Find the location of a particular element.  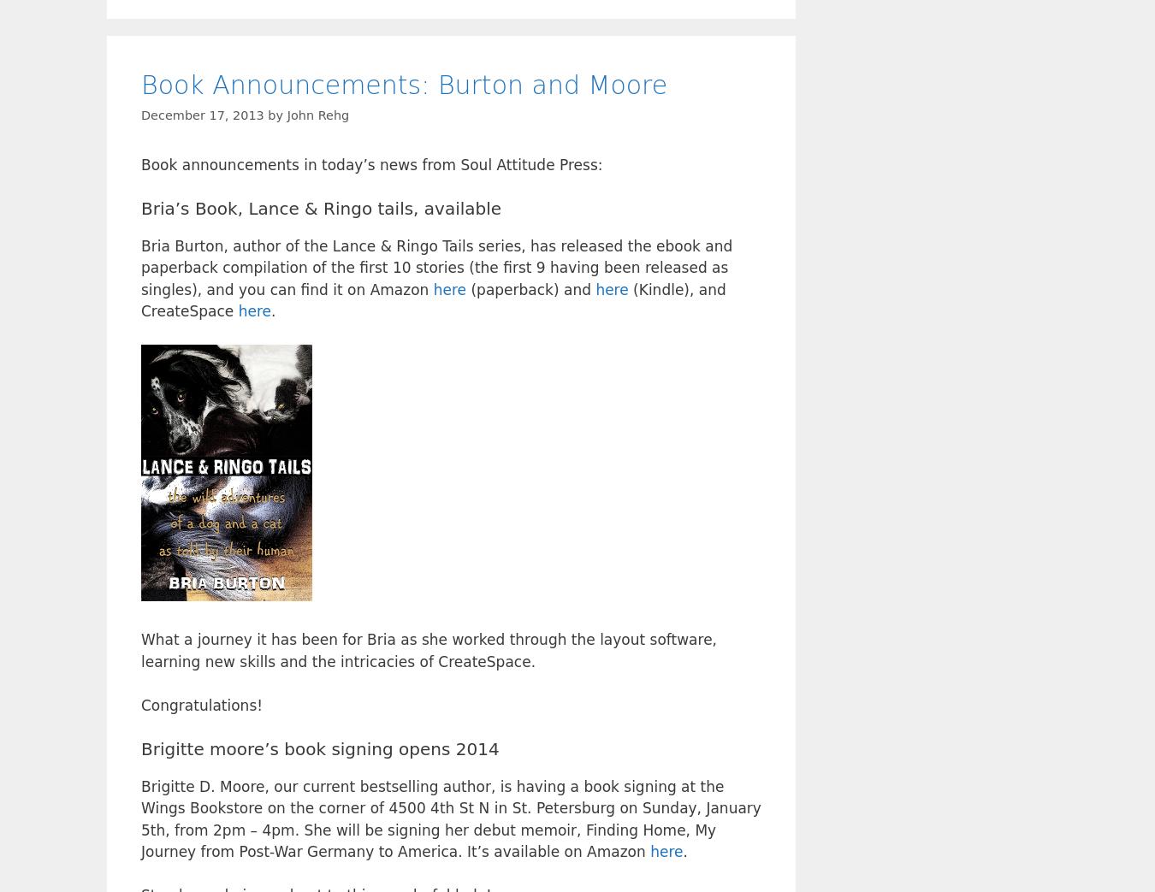

'Bria’s Book, Lance & Ringo tails, available' is located at coordinates (321, 208).